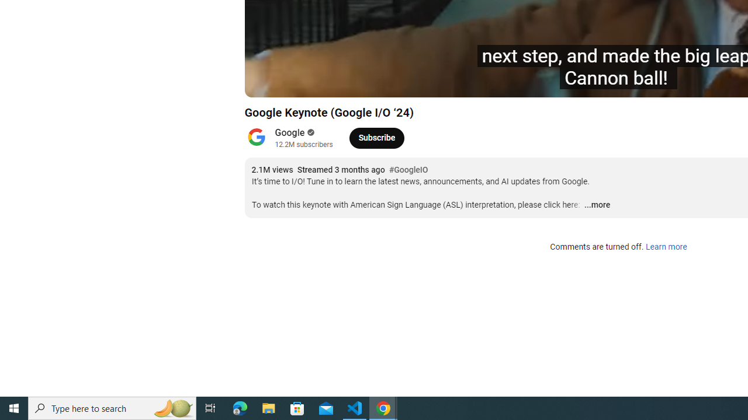 The image size is (748, 420). Describe the element at coordinates (408, 170) in the screenshot. I see `'#GoogleIO'` at that location.